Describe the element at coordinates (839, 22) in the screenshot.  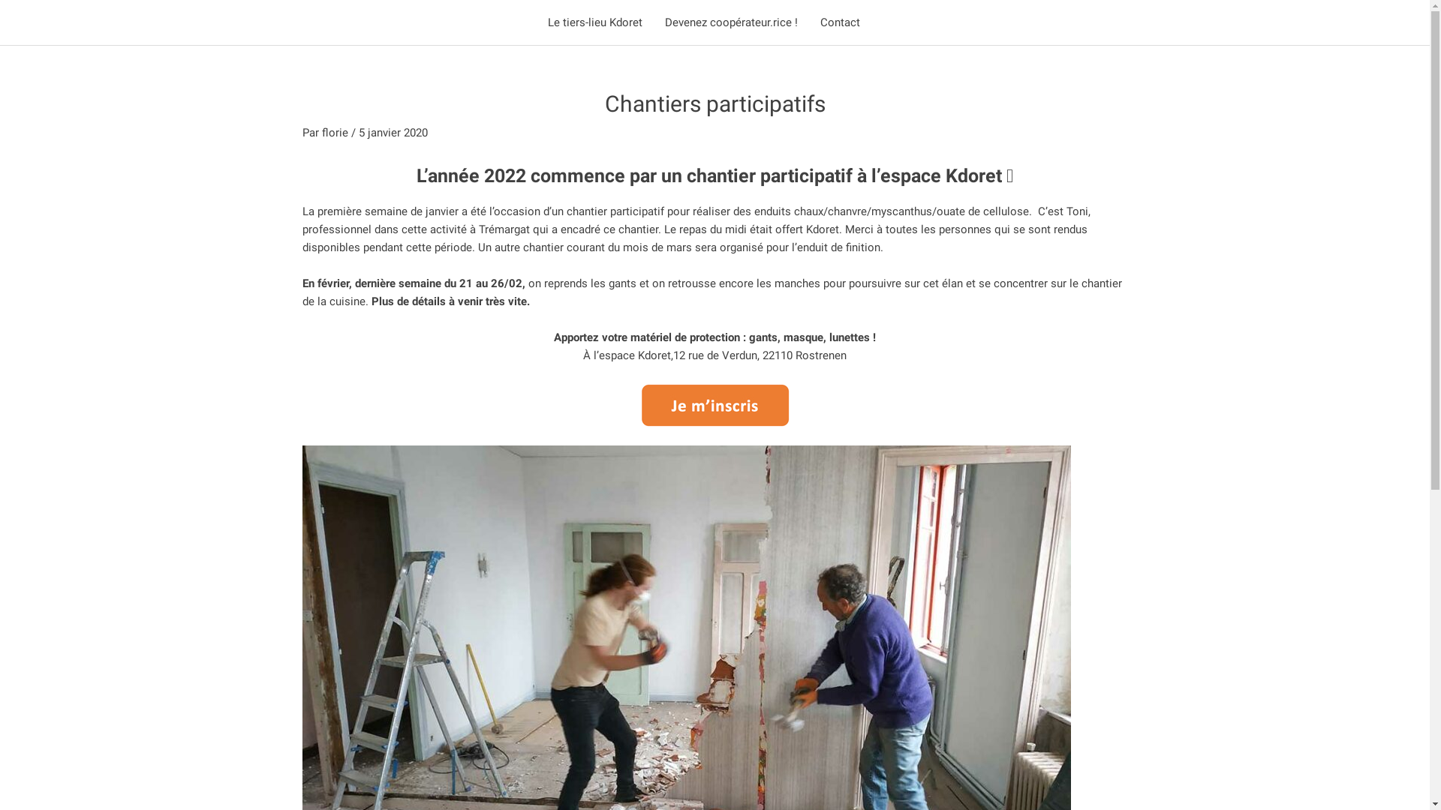
I see `'Contact'` at that location.